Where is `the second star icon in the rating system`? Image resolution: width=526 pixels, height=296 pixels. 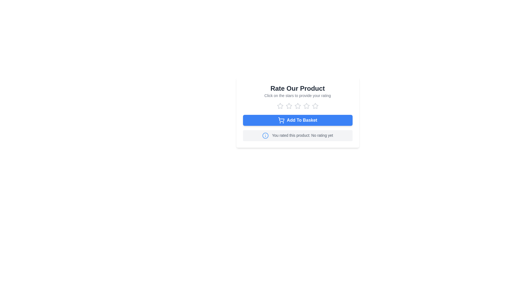 the second star icon in the rating system is located at coordinates (297, 106).